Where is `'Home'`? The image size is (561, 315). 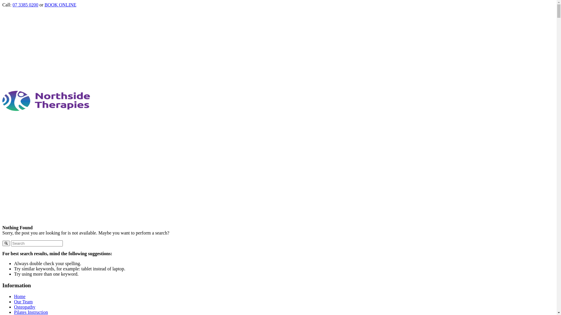
'Home' is located at coordinates (20, 296).